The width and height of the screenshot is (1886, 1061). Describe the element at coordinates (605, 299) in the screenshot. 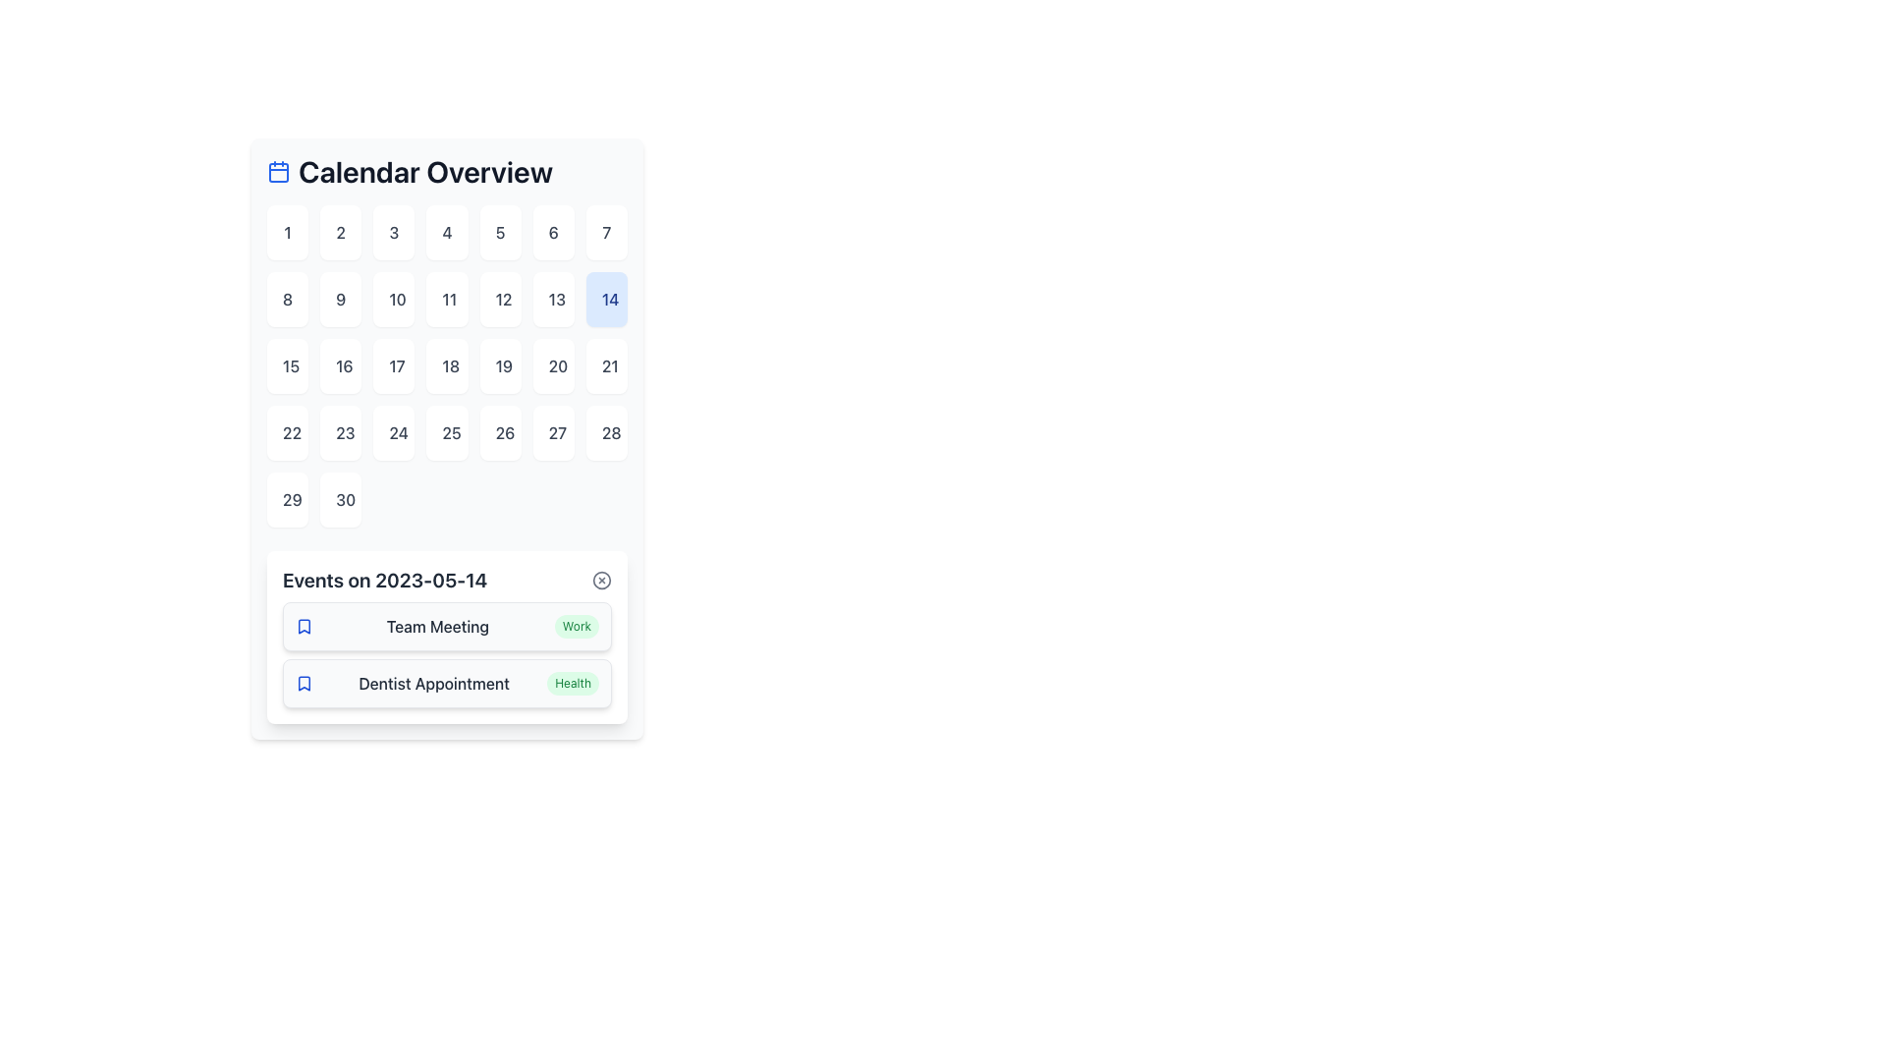

I see `the selectable day '14' button in the calendar interface` at that location.